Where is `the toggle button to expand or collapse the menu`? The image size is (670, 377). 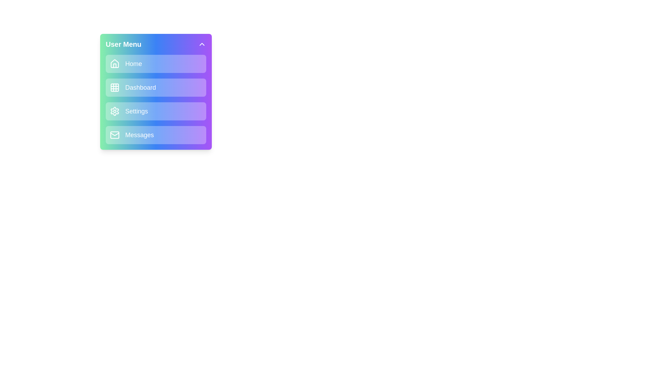 the toggle button to expand or collapse the menu is located at coordinates (202, 44).